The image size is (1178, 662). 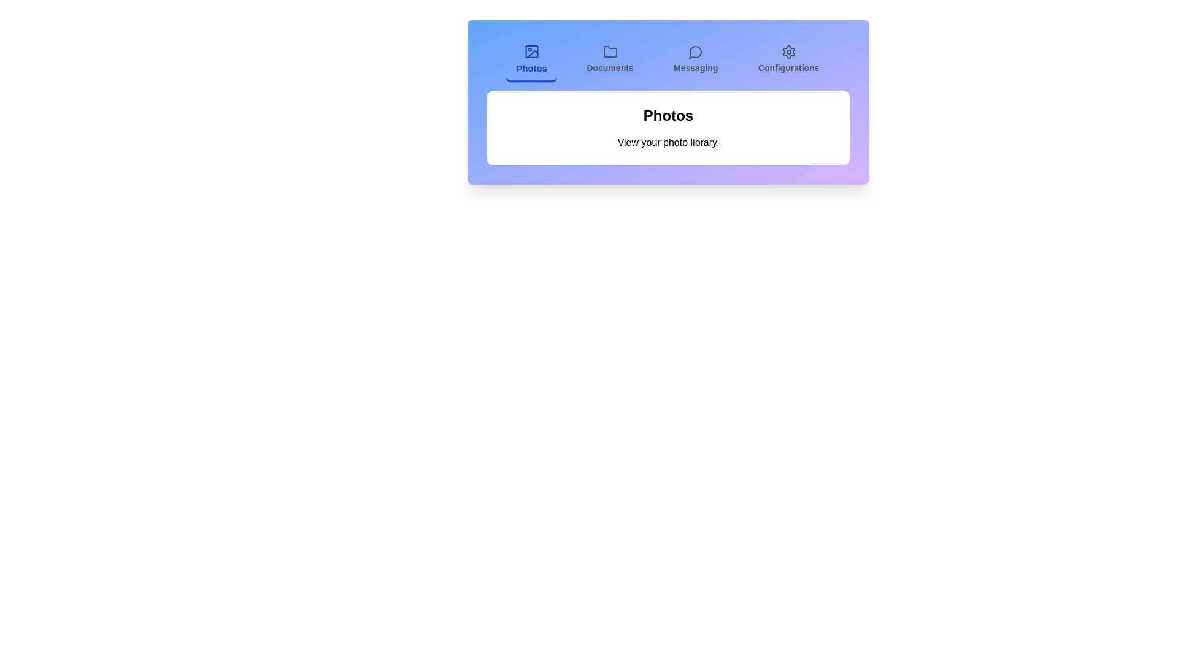 I want to click on the icon of the Photos tab to activate it, so click(x=532, y=51).